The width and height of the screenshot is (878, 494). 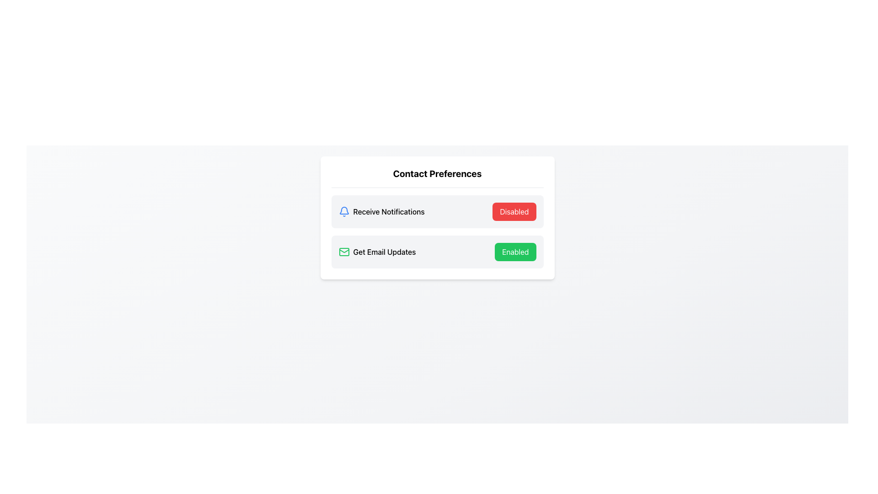 What do you see at coordinates (377, 252) in the screenshot?
I see `the 'Get Email Updates' label which consists of a green outlined envelope icon and text, located in the second row of the 'Contact Preferences' panel, left of the 'Enabled' button` at bounding box center [377, 252].